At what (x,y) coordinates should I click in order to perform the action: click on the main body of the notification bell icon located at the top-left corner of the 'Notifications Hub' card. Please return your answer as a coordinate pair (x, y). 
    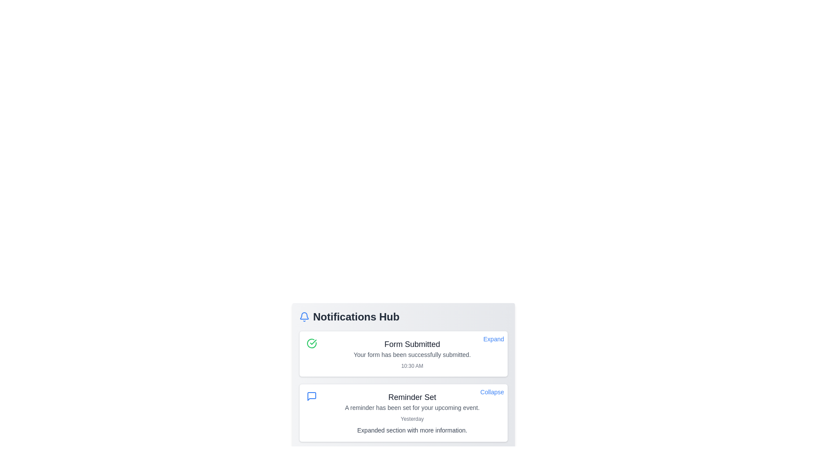
    Looking at the image, I should click on (304, 316).